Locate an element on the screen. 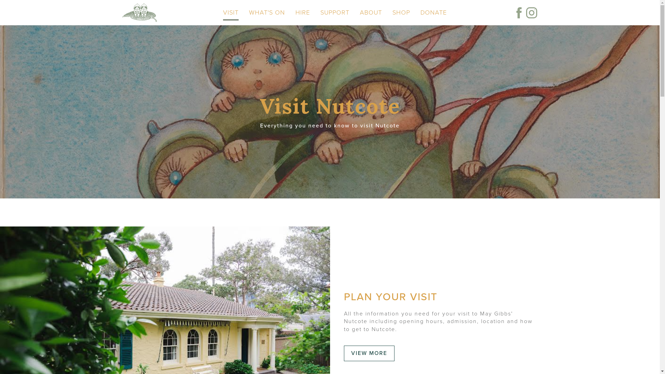 Image resolution: width=665 pixels, height=374 pixels. 'DONATE' is located at coordinates (415, 12).